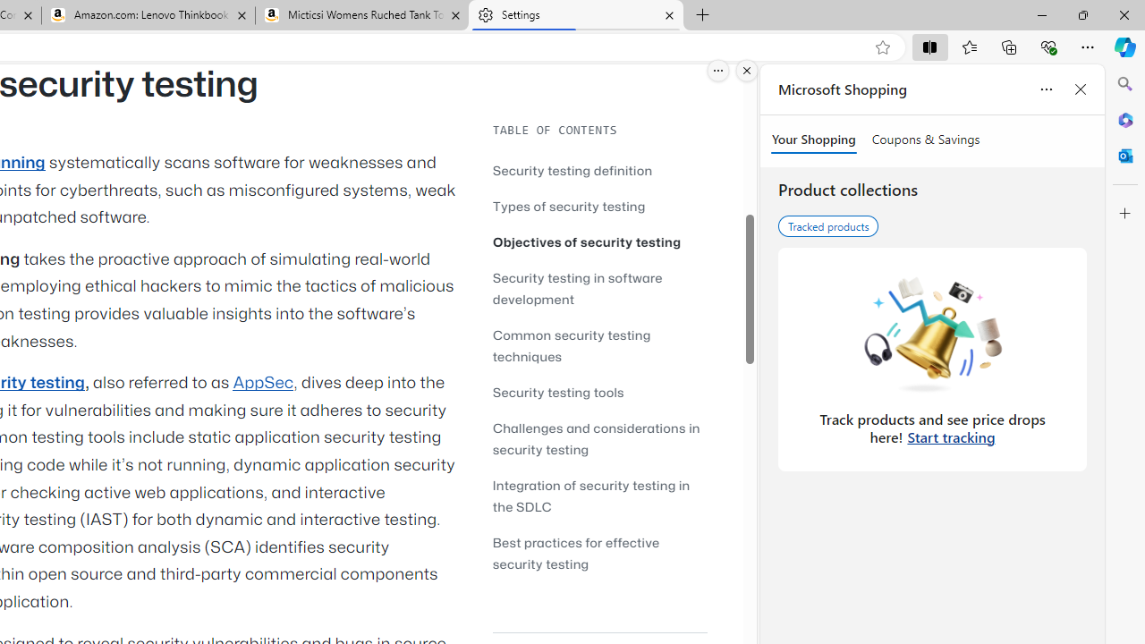 This screenshot has height=644, width=1145. Describe the element at coordinates (1041, 14) in the screenshot. I see `'Minimize'` at that location.